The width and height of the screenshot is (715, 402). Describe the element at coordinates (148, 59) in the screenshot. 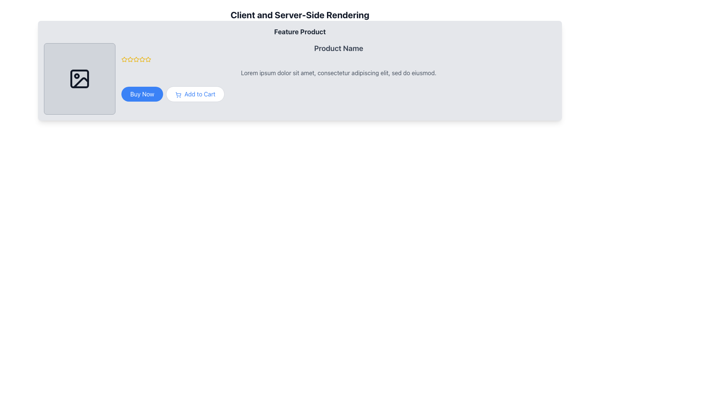

I see `the last yellow star icon in a horizontal row of five stars, located to the left of the 'Buy Now' button` at that location.